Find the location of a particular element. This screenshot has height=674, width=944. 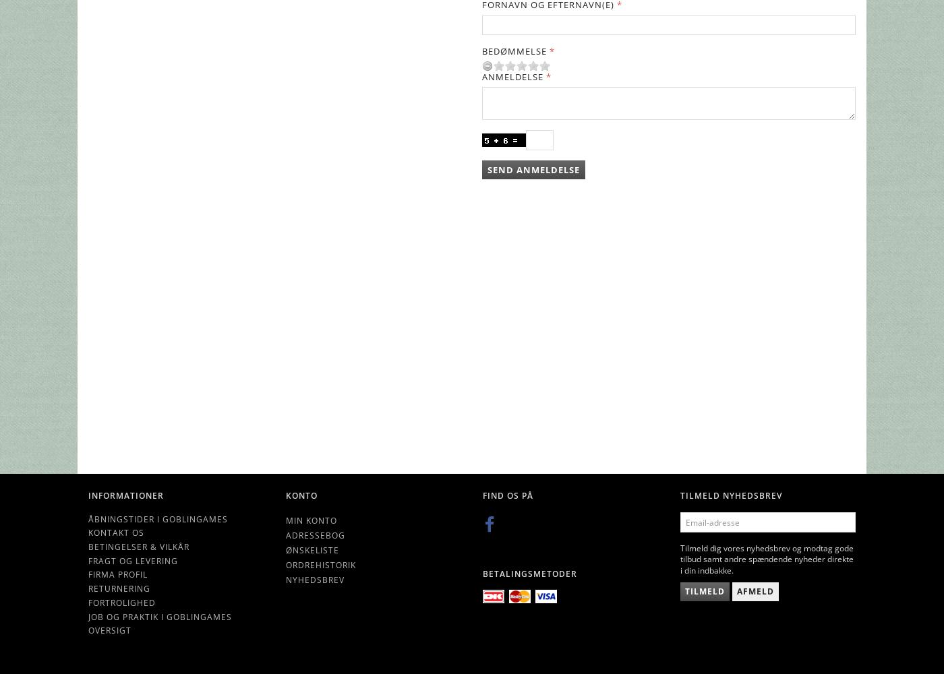

'Fortrolighed' is located at coordinates (88, 602).